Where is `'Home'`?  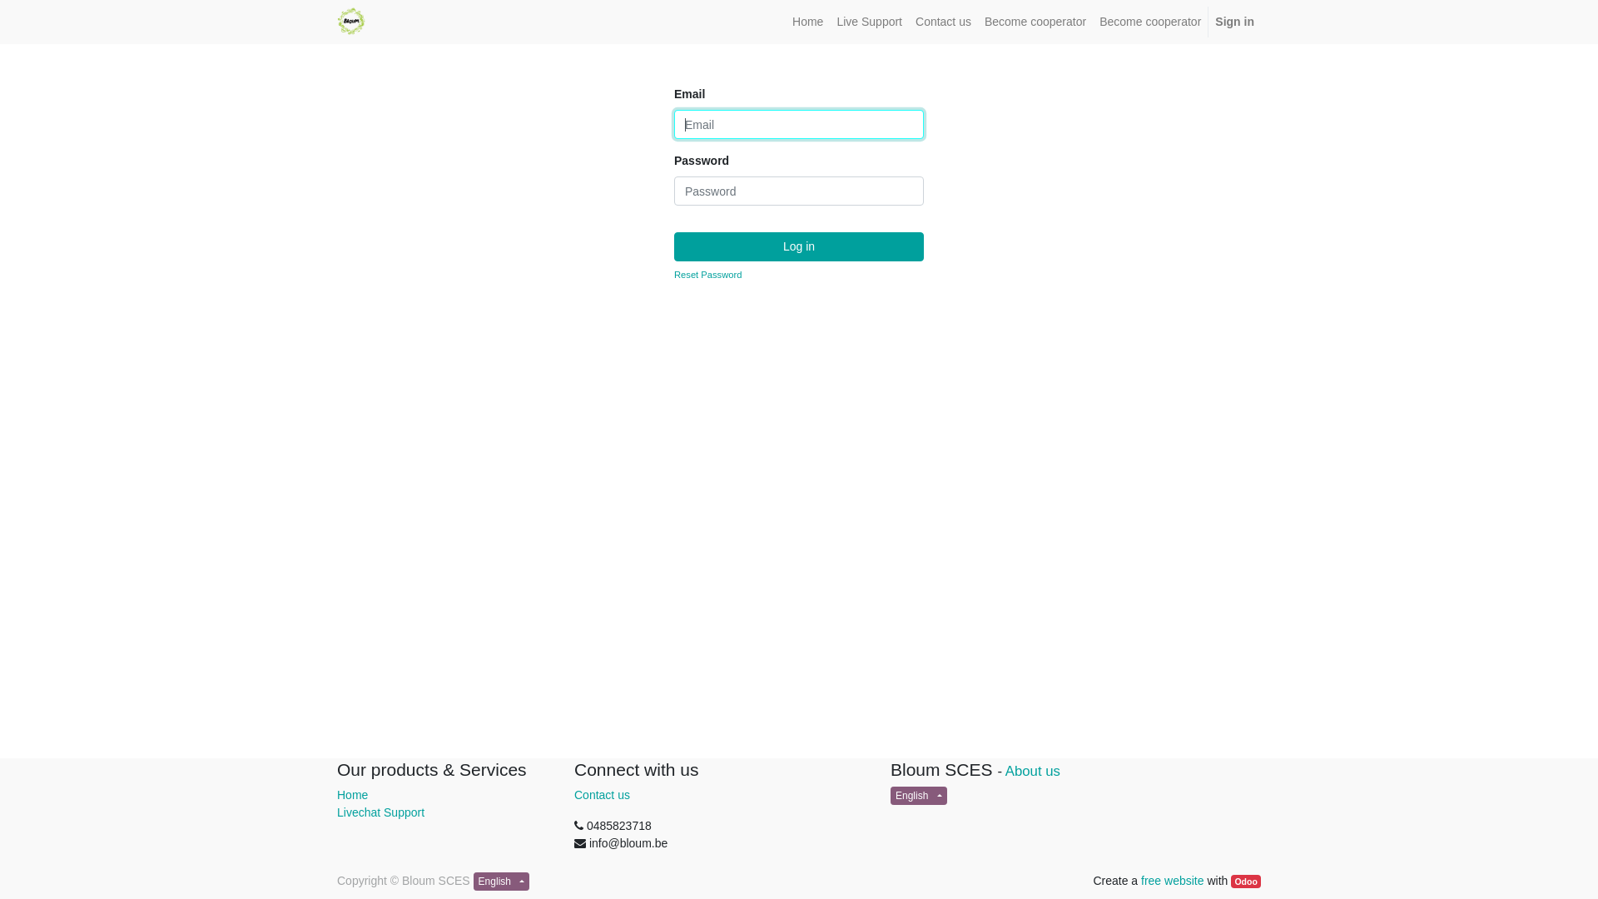
'Home' is located at coordinates (351, 794).